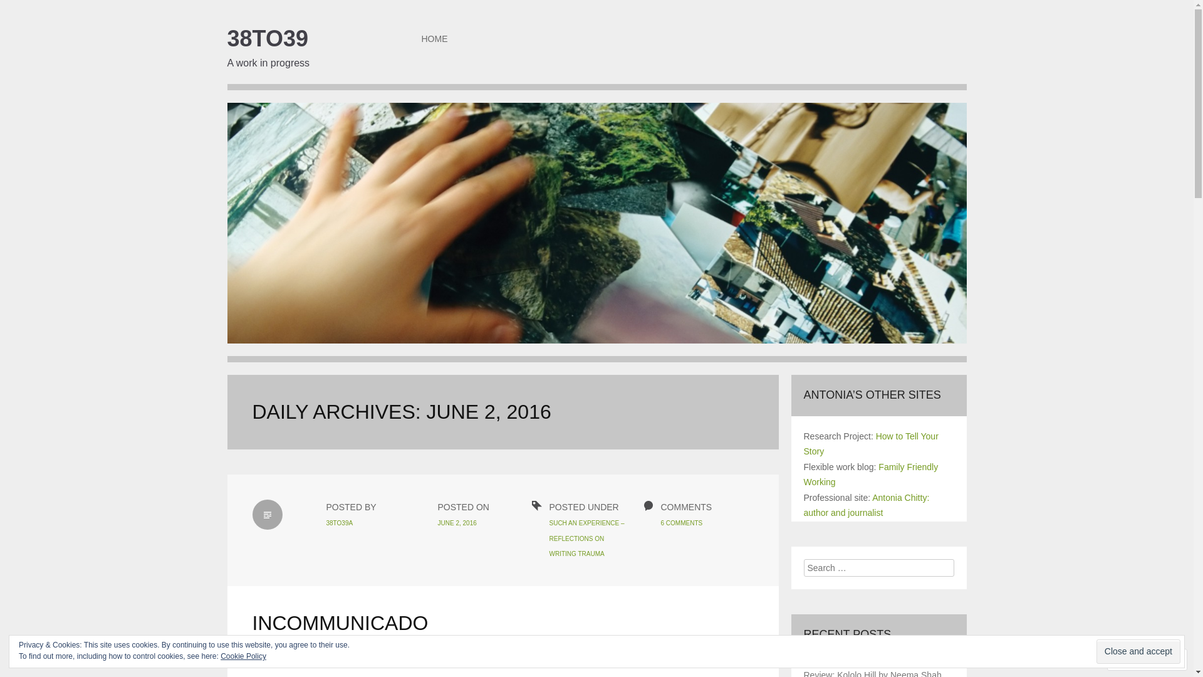 The width and height of the screenshot is (1203, 677). What do you see at coordinates (24, 9) in the screenshot?
I see `'Search'` at bounding box center [24, 9].